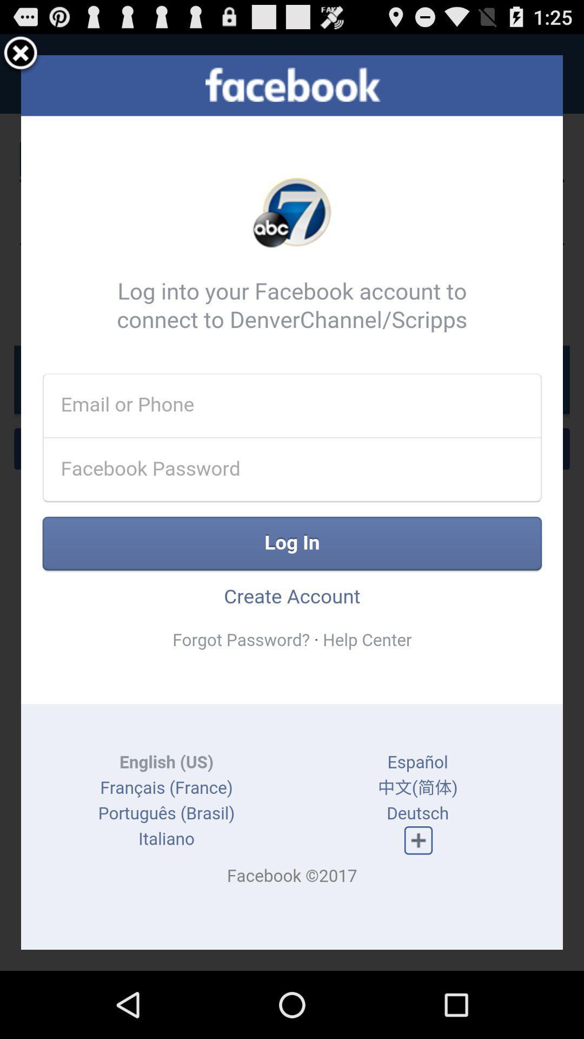  Describe the element at coordinates (21, 54) in the screenshot. I see `login` at that location.